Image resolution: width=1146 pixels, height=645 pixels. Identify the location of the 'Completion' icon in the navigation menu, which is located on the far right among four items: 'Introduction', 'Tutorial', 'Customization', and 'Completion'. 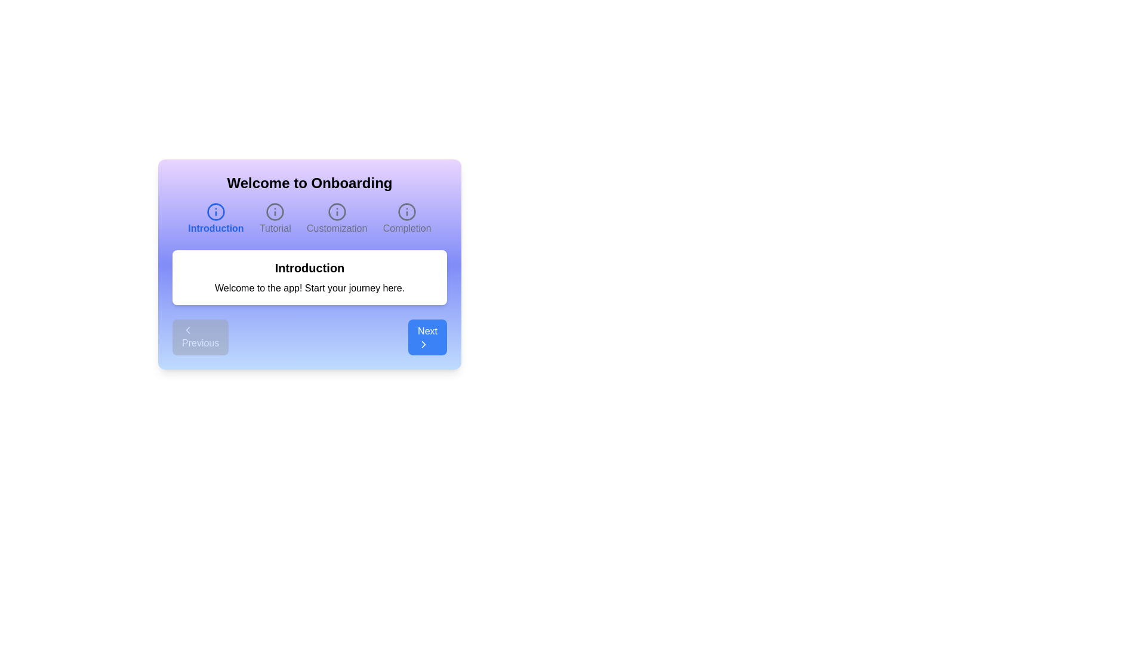
(407, 211).